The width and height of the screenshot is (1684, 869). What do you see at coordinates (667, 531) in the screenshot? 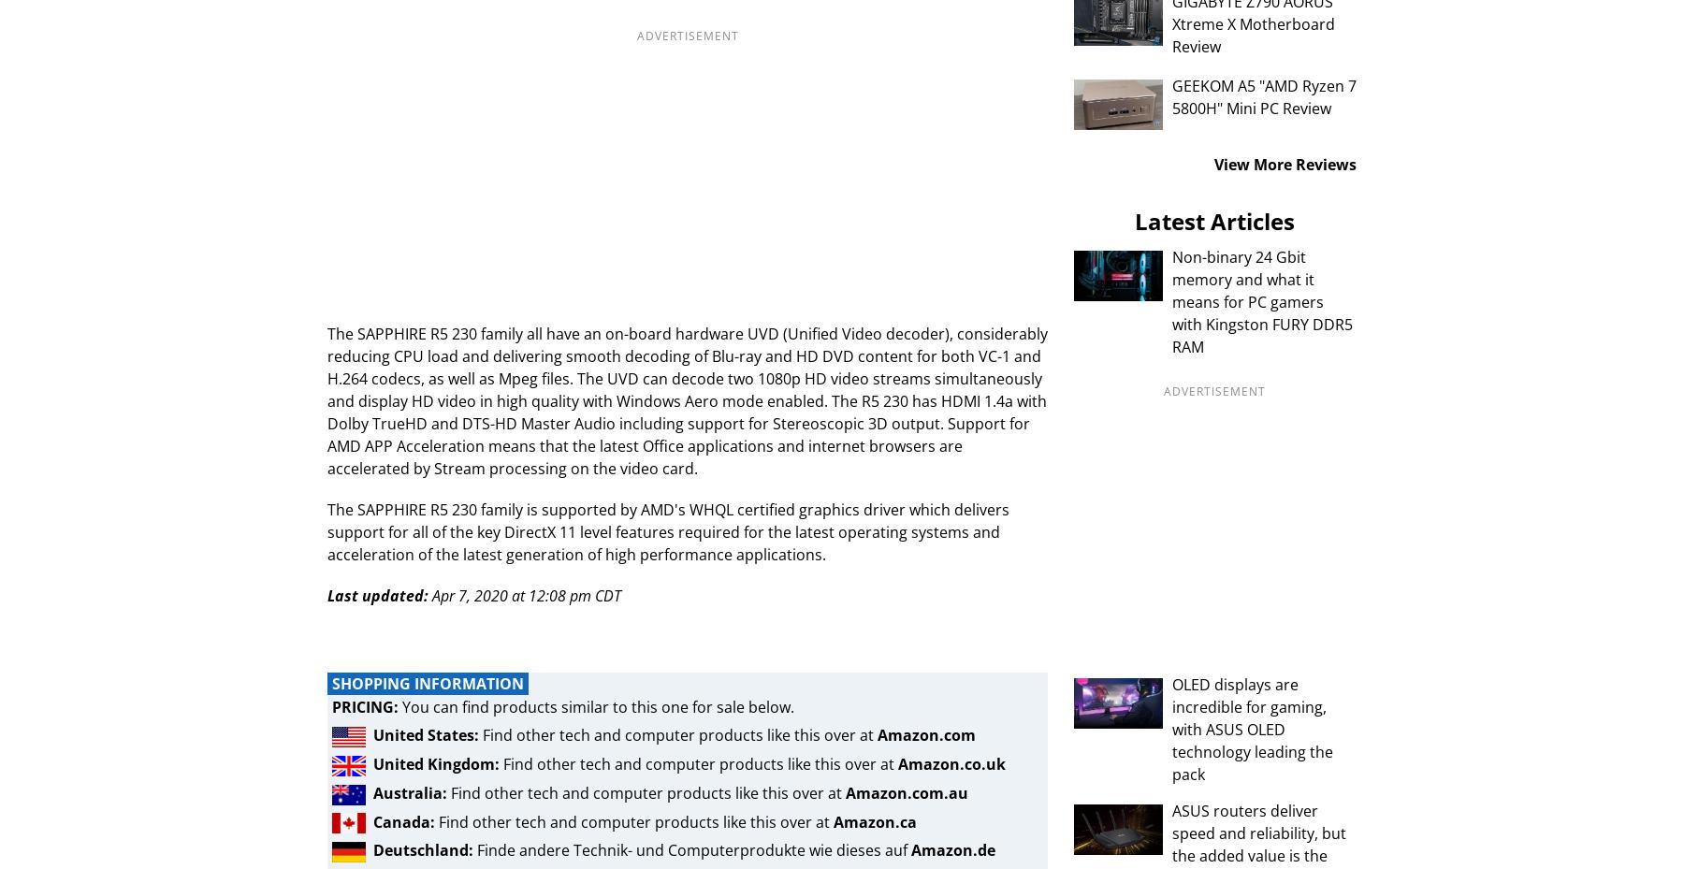
I see `'The SAPPHIRE R5 230 family is supported by AMD's WHQL certified graphics driver which delivers support for all of the key DirectX 11 level features required for the latest operating systems and acceleration of the latest generation of high performance applications.'` at bounding box center [667, 531].